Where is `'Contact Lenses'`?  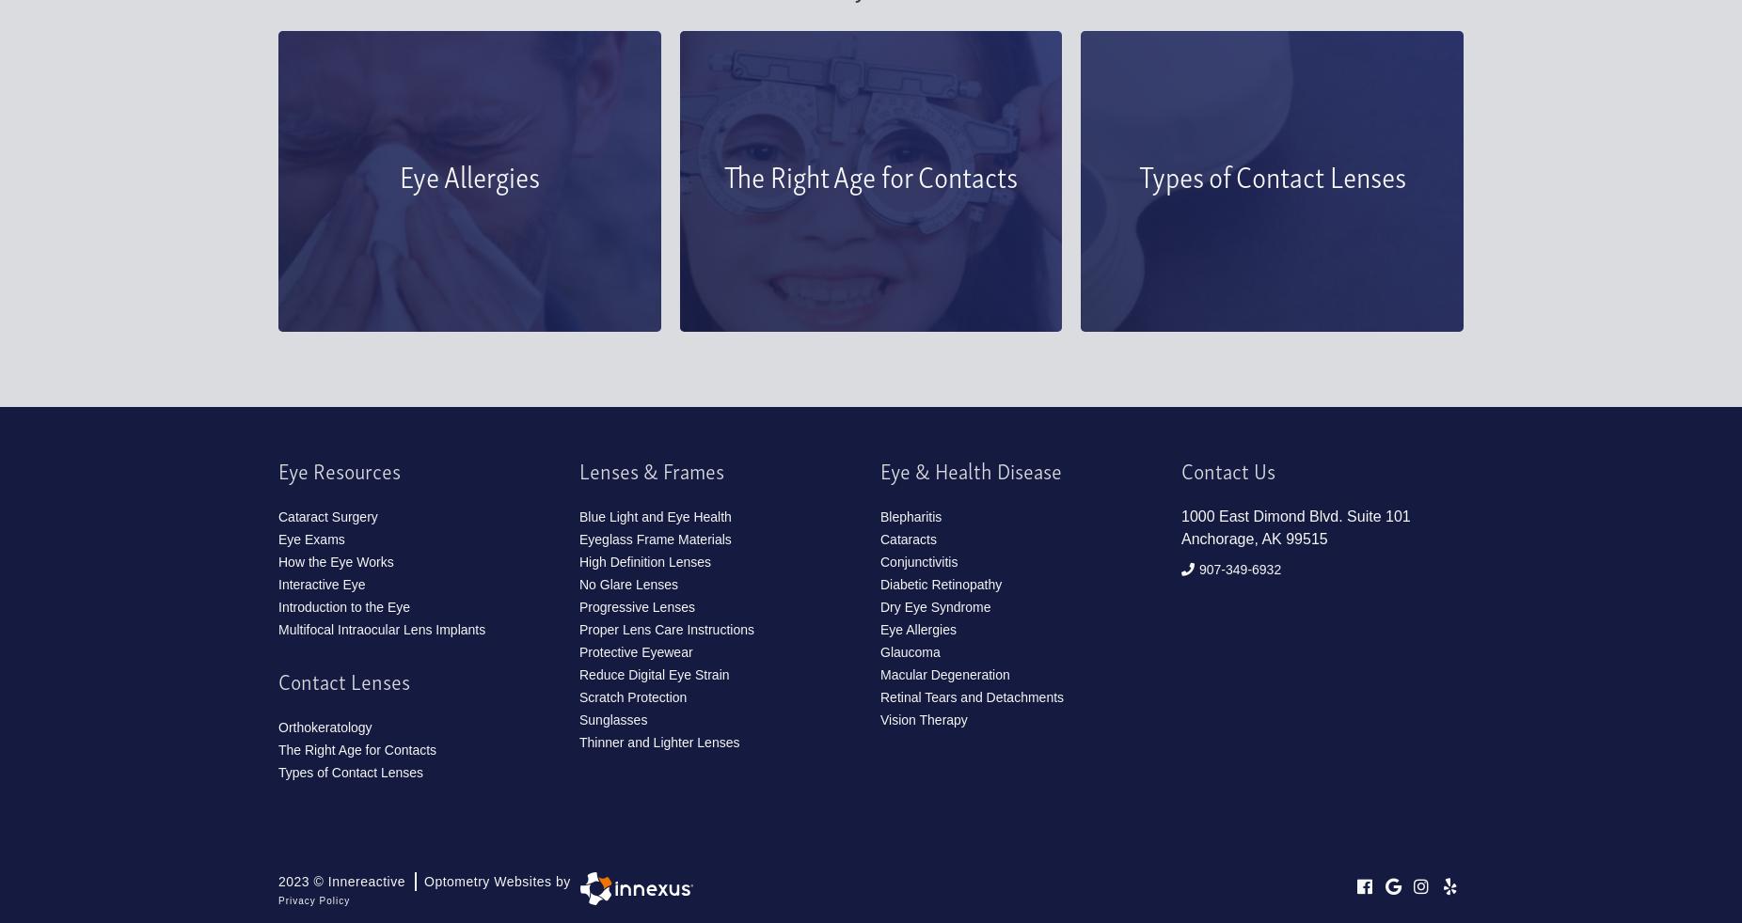 'Contact Lenses' is located at coordinates (343, 679).